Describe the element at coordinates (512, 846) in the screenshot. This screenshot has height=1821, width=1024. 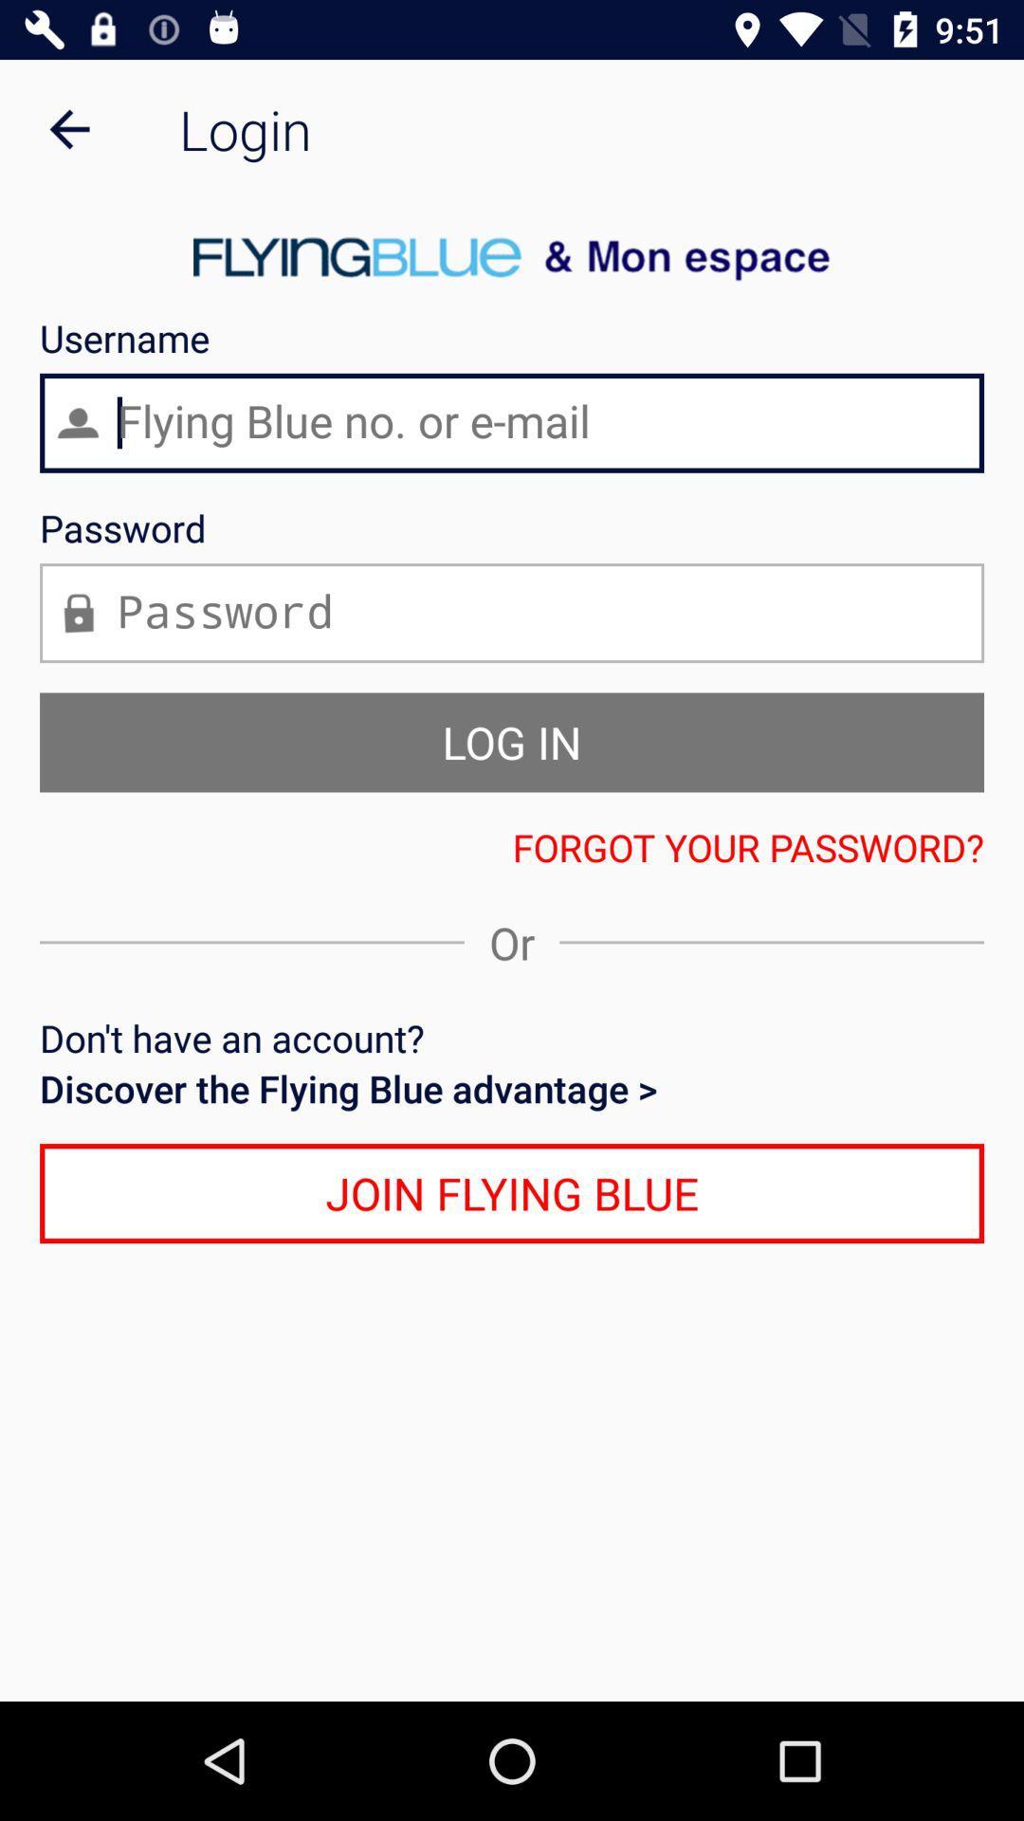
I see `the forgot your password? item` at that location.